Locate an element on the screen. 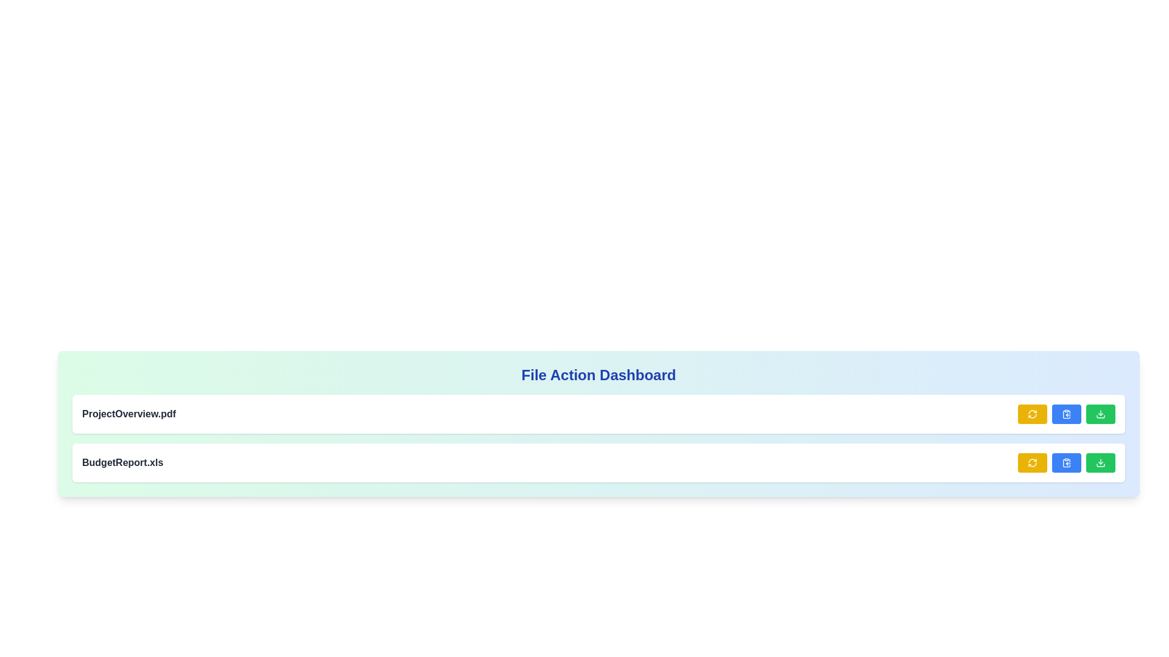  the blue button with white text and clipboard icon located in the lower right corner of the interface is located at coordinates (1066, 414).